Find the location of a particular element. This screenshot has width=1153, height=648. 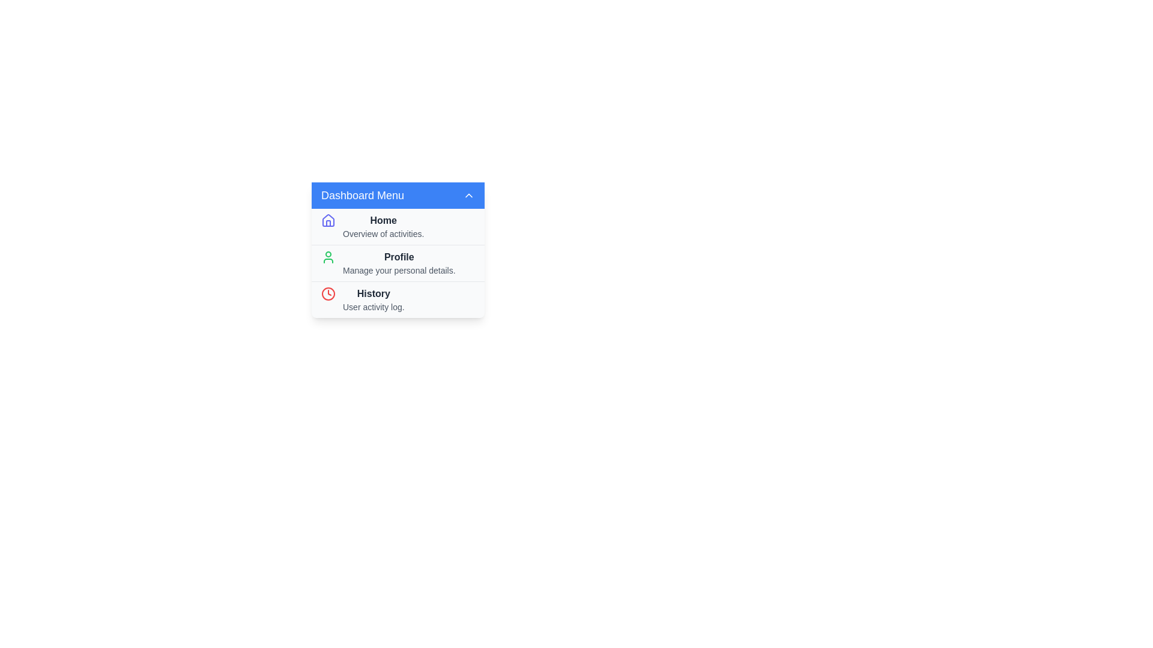

the 'Profile' menu item which contains two lines of text, the first line in bold dark gray and the second line in smaller light gray is located at coordinates (399, 263).